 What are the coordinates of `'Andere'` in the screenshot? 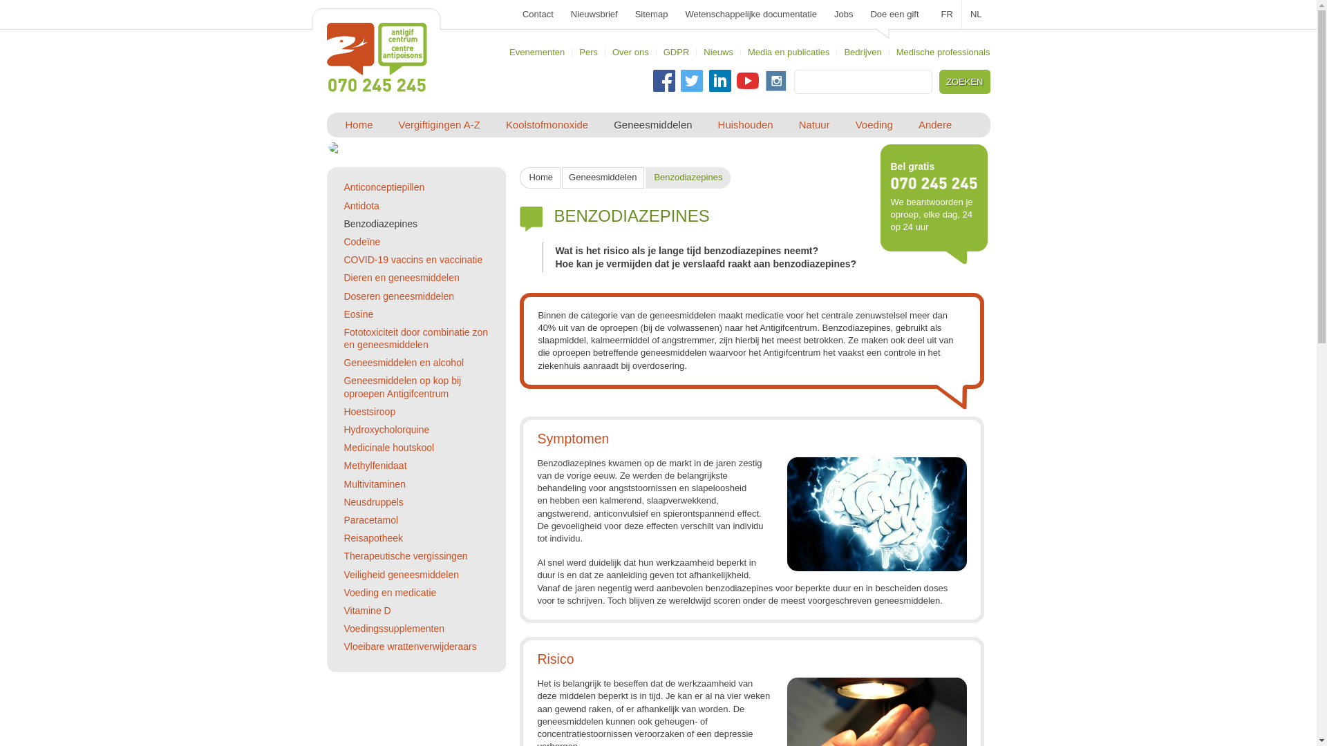 It's located at (935, 125).